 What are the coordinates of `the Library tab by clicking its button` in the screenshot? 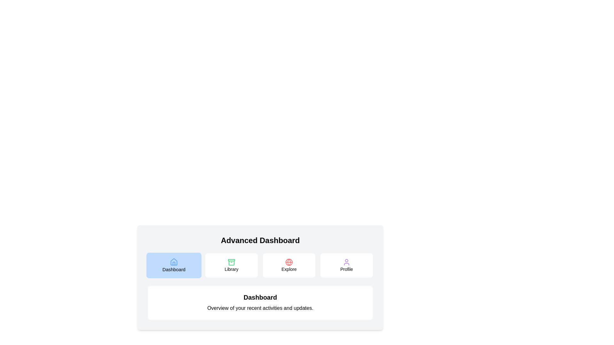 It's located at (231, 265).